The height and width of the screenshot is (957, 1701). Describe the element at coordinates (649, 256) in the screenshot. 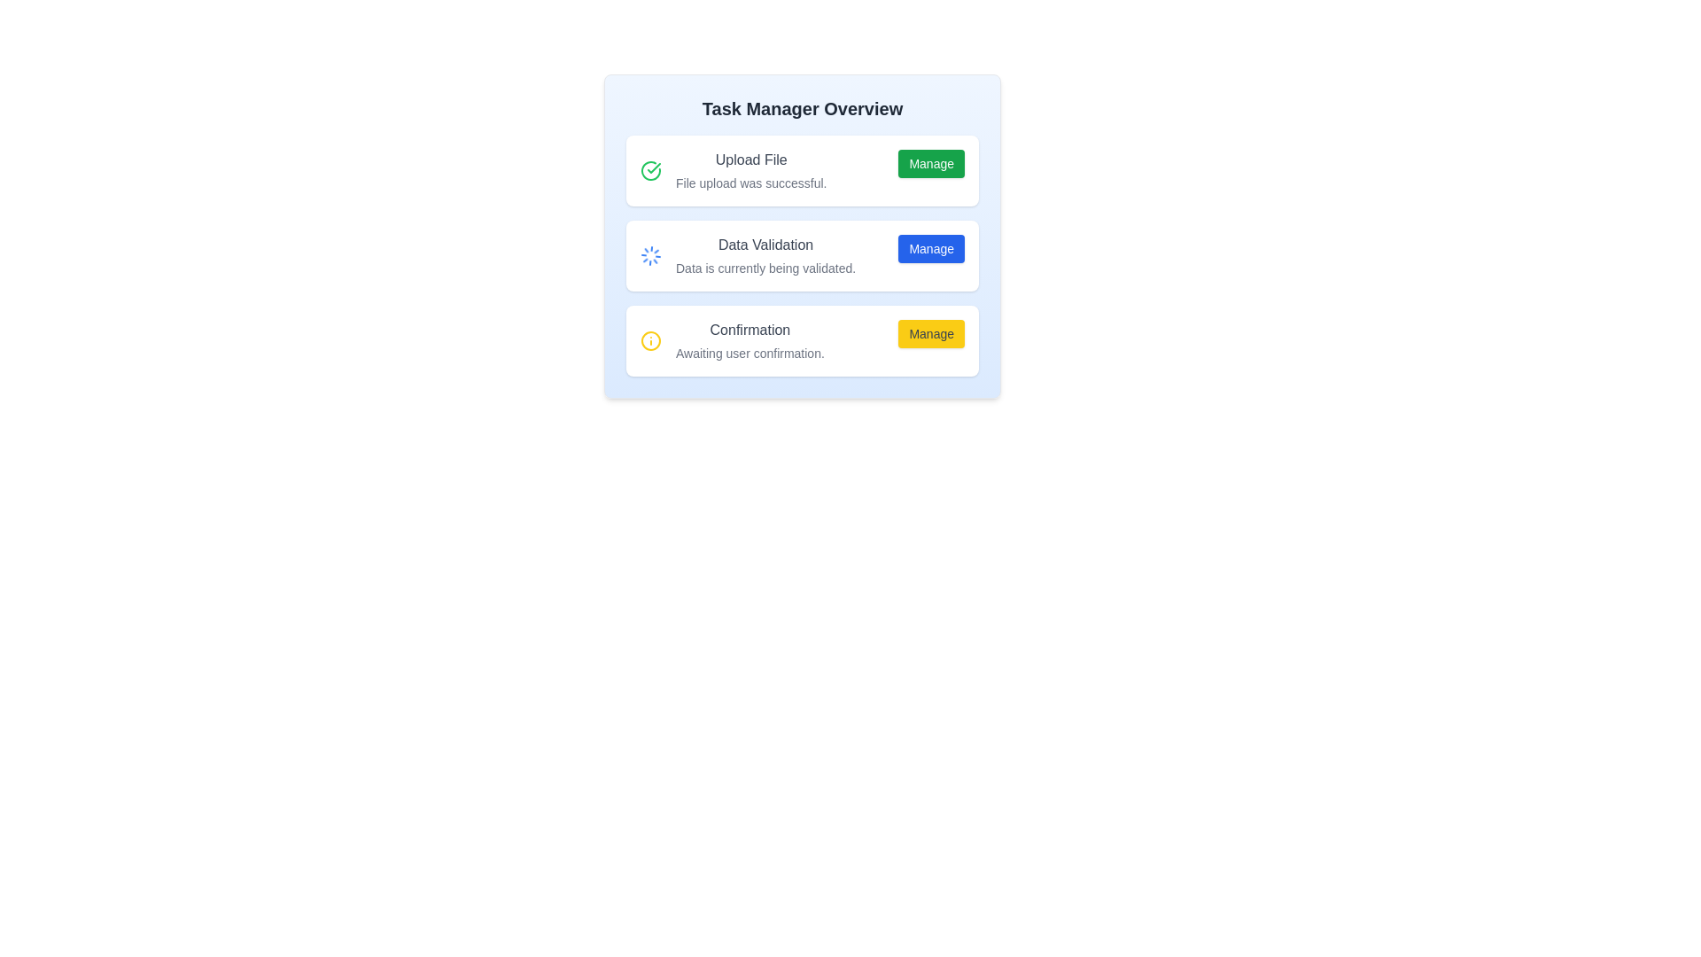

I see `the Spinner icon located in the 'Task Manager Overview' UI card, adjacent to 'Data Validation' and before the 'Manage' button` at that location.